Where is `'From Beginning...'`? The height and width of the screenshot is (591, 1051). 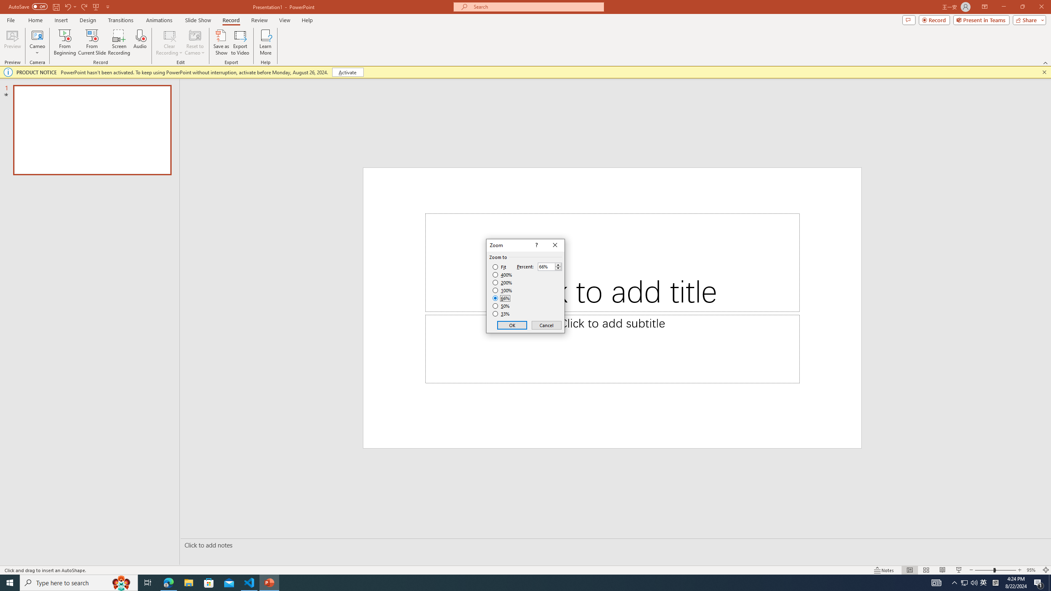 'From Beginning...' is located at coordinates (64, 42).